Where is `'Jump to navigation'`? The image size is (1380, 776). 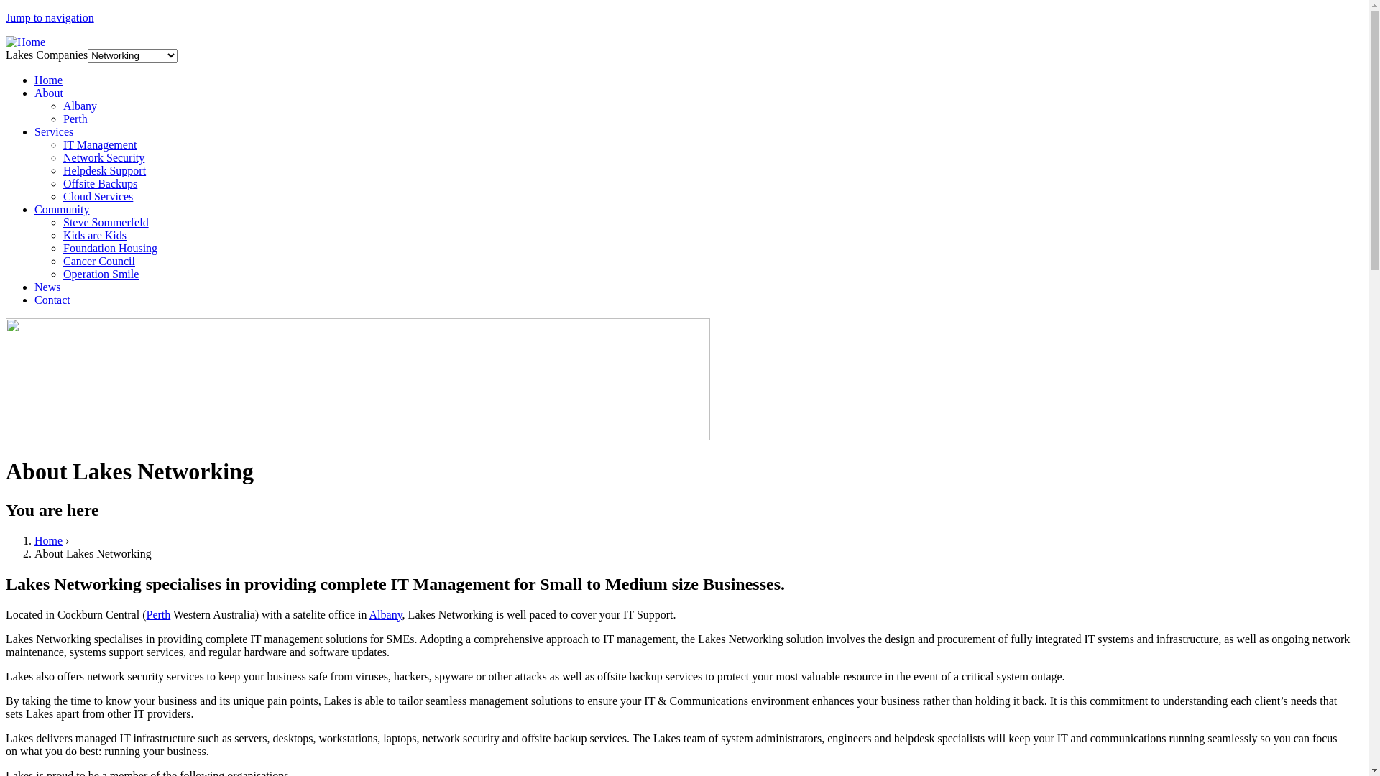
'Jump to navigation' is located at coordinates (6, 17).